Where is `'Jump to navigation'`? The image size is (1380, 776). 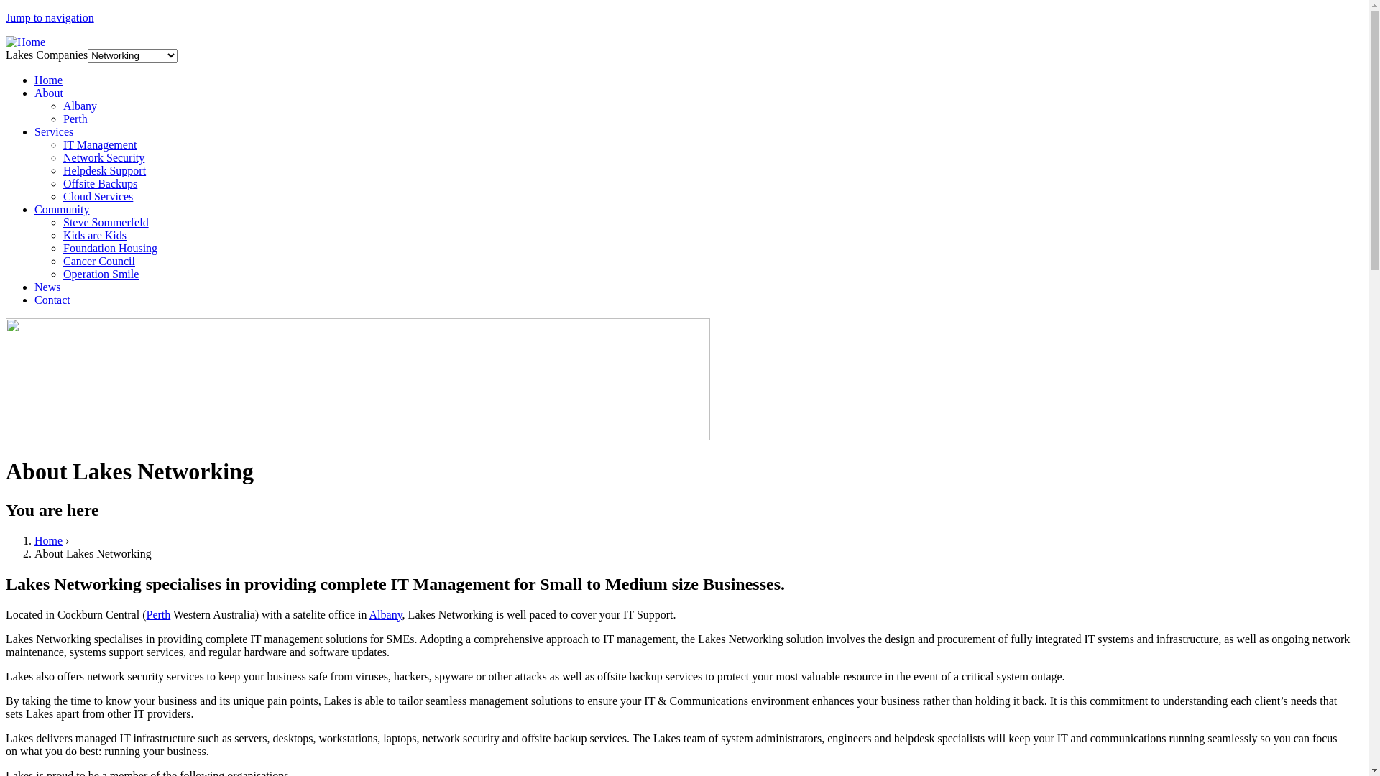
'Jump to navigation' is located at coordinates (6, 17).